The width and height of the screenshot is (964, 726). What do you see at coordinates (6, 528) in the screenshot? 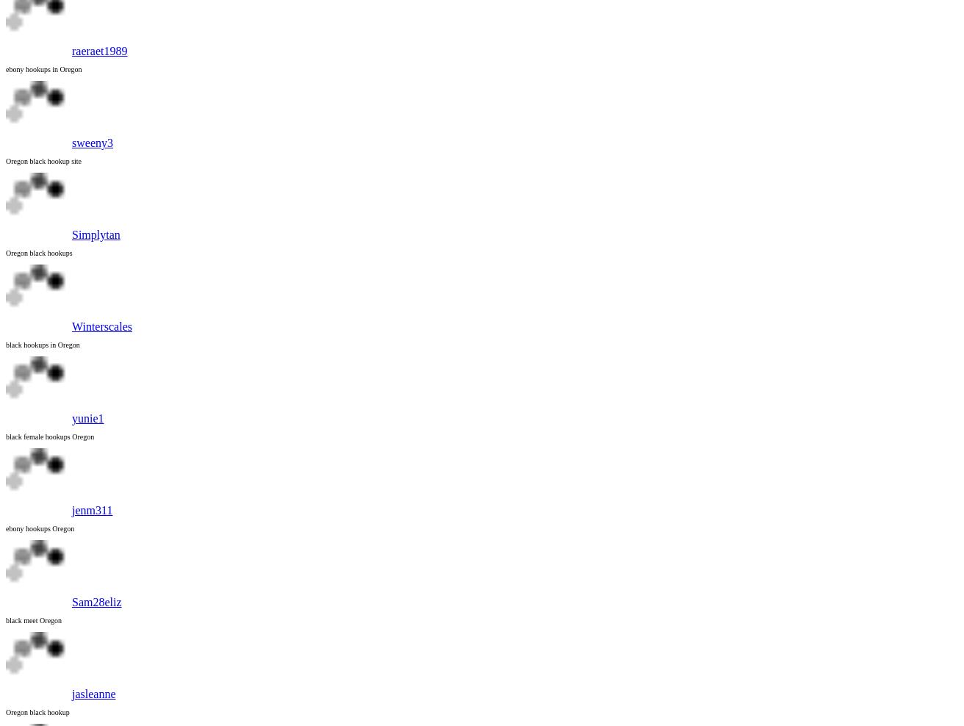
I see `'ebony hookups Oregon'` at bounding box center [6, 528].